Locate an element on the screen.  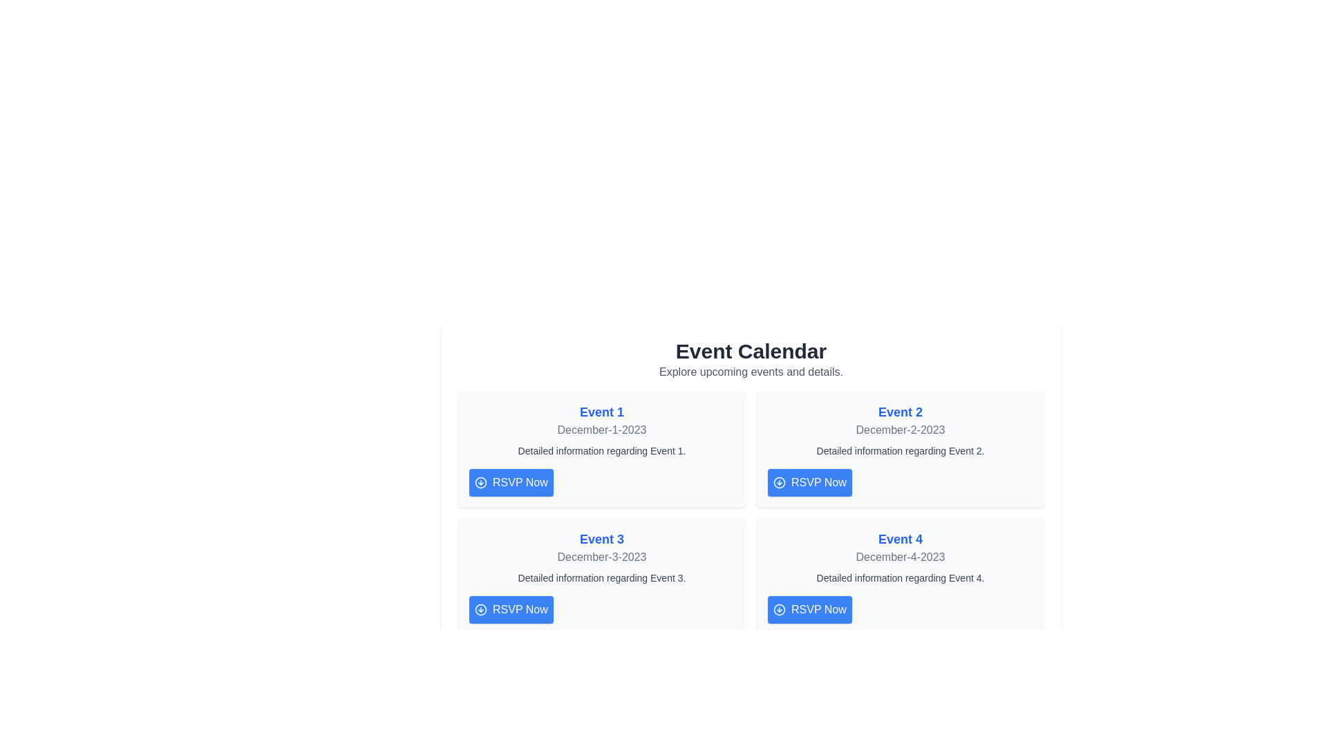
text label that displays 'Event 2', which is styled in a bold and large blue font located at the top center of a rectangular card is located at coordinates (900, 412).